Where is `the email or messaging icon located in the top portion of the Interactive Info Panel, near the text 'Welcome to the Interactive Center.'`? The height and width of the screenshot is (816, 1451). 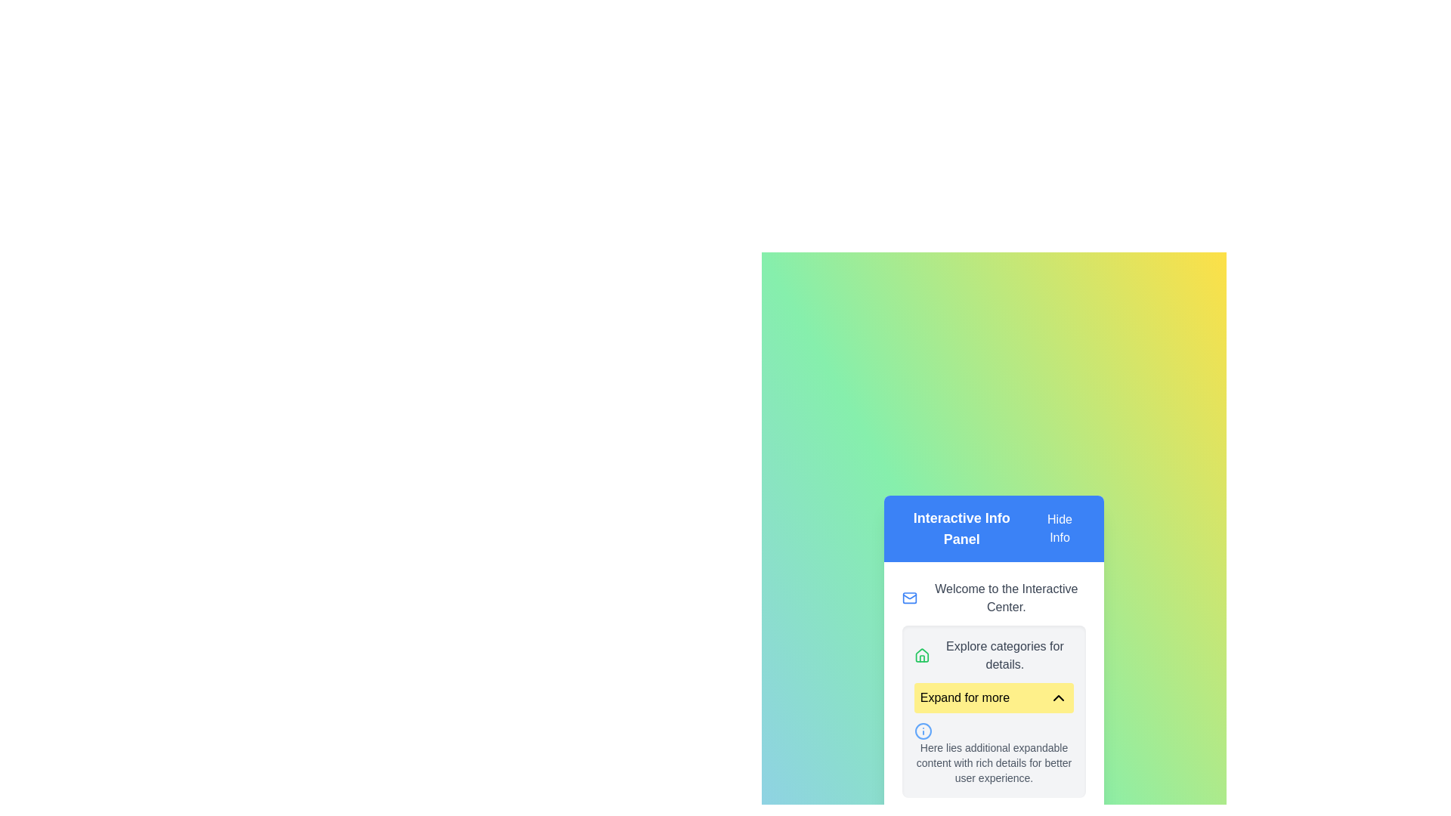 the email or messaging icon located in the top portion of the Interactive Info Panel, near the text 'Welcome to the Interactive Center.' is located at coordinates (909, 597).